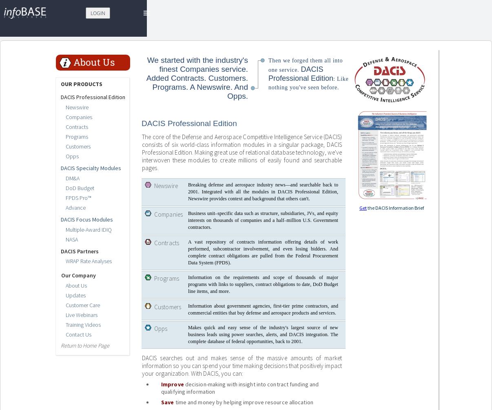 The height and width of the screenshot is (410, 492). What do you see at coordinates (60, 250) in the screenshot?
I see `'DACIS Partners'` at bounding box center [60, 250].